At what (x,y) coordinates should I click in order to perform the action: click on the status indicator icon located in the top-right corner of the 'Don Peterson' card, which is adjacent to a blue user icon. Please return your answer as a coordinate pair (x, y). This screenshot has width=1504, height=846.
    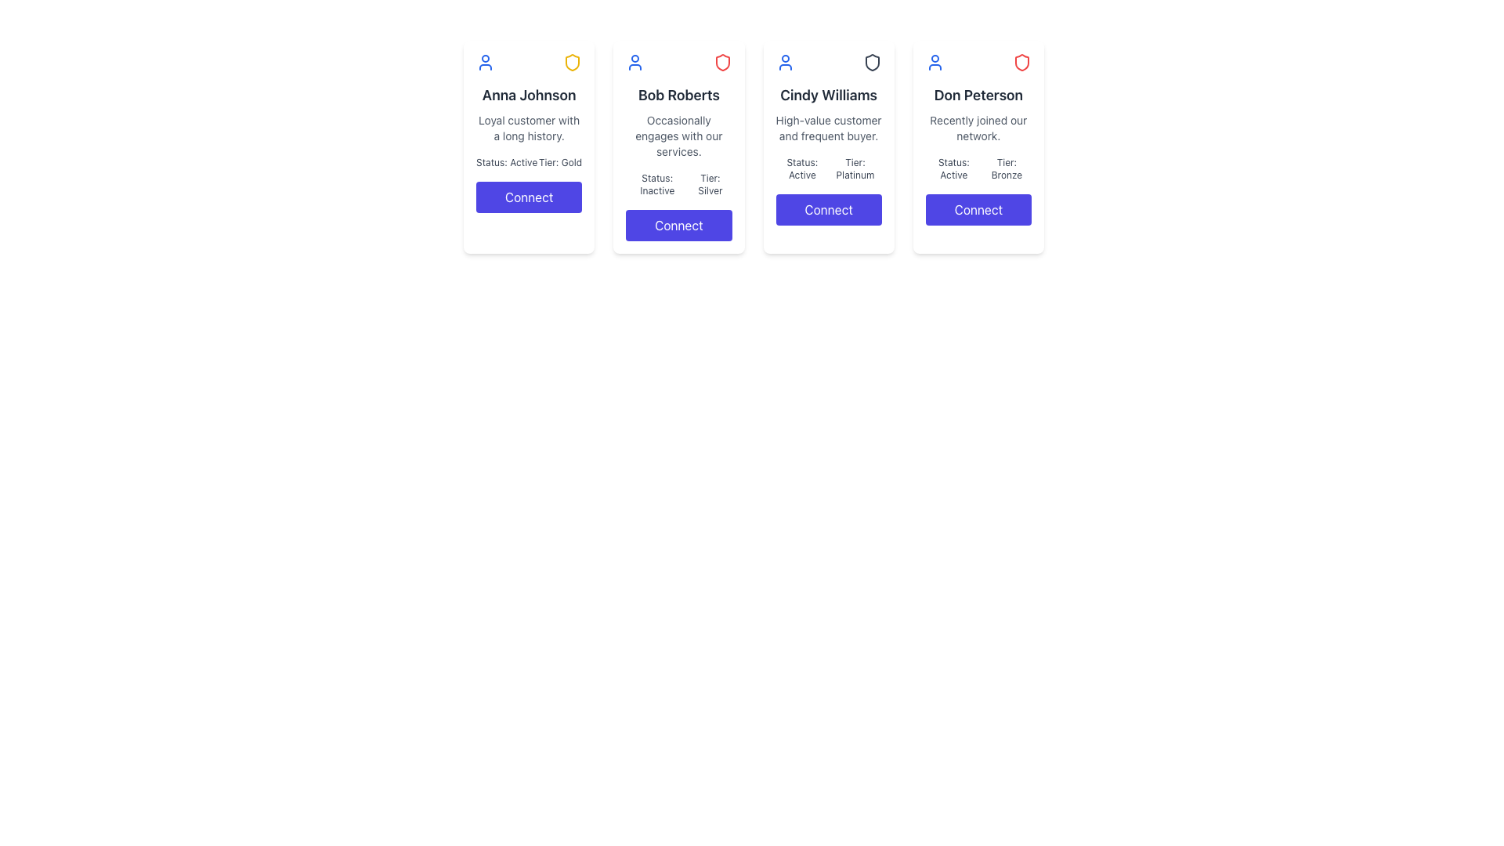
    Looking at the image, I should click on (1022, 62).